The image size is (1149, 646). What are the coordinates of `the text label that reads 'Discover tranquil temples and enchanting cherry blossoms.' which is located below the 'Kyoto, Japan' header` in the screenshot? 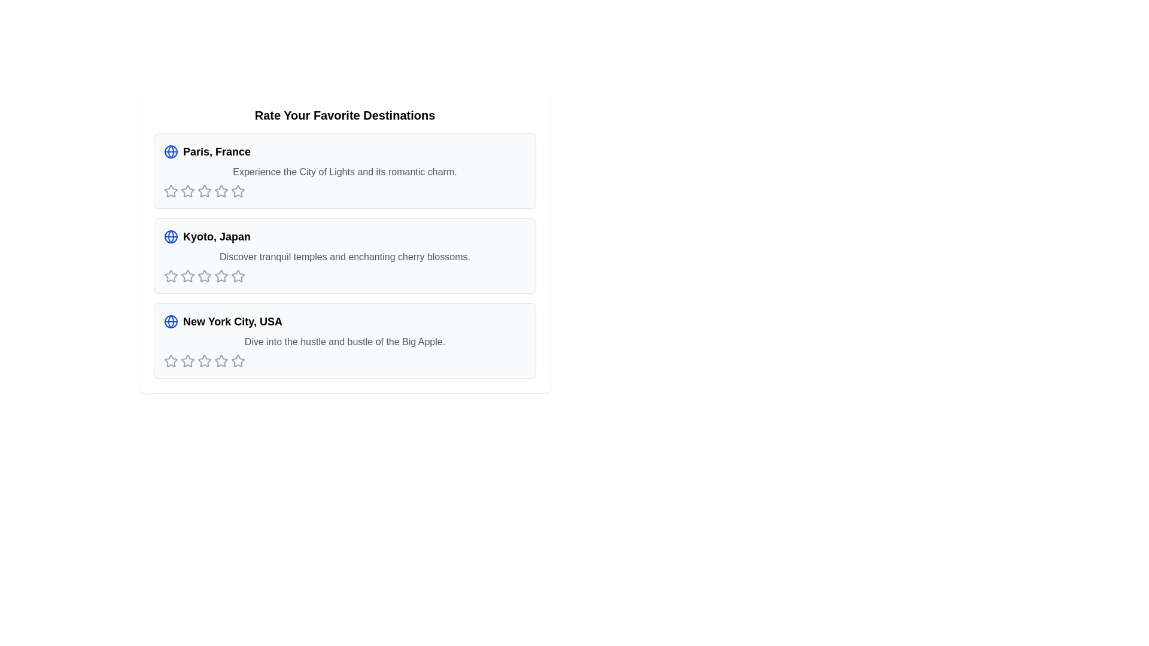 It's located at (344, 256).